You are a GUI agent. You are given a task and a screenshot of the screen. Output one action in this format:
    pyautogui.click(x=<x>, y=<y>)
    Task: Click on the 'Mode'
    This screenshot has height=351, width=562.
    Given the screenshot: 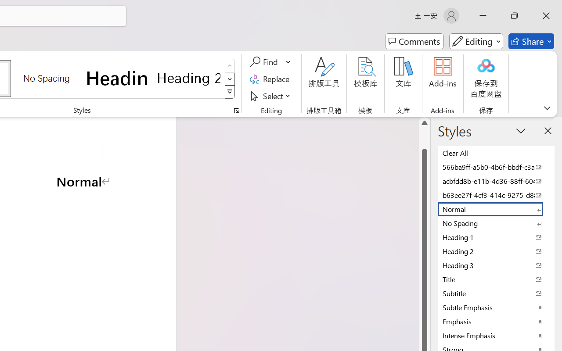 What is the action you would take?
    pyautogui.click(x=476, y=41)
    